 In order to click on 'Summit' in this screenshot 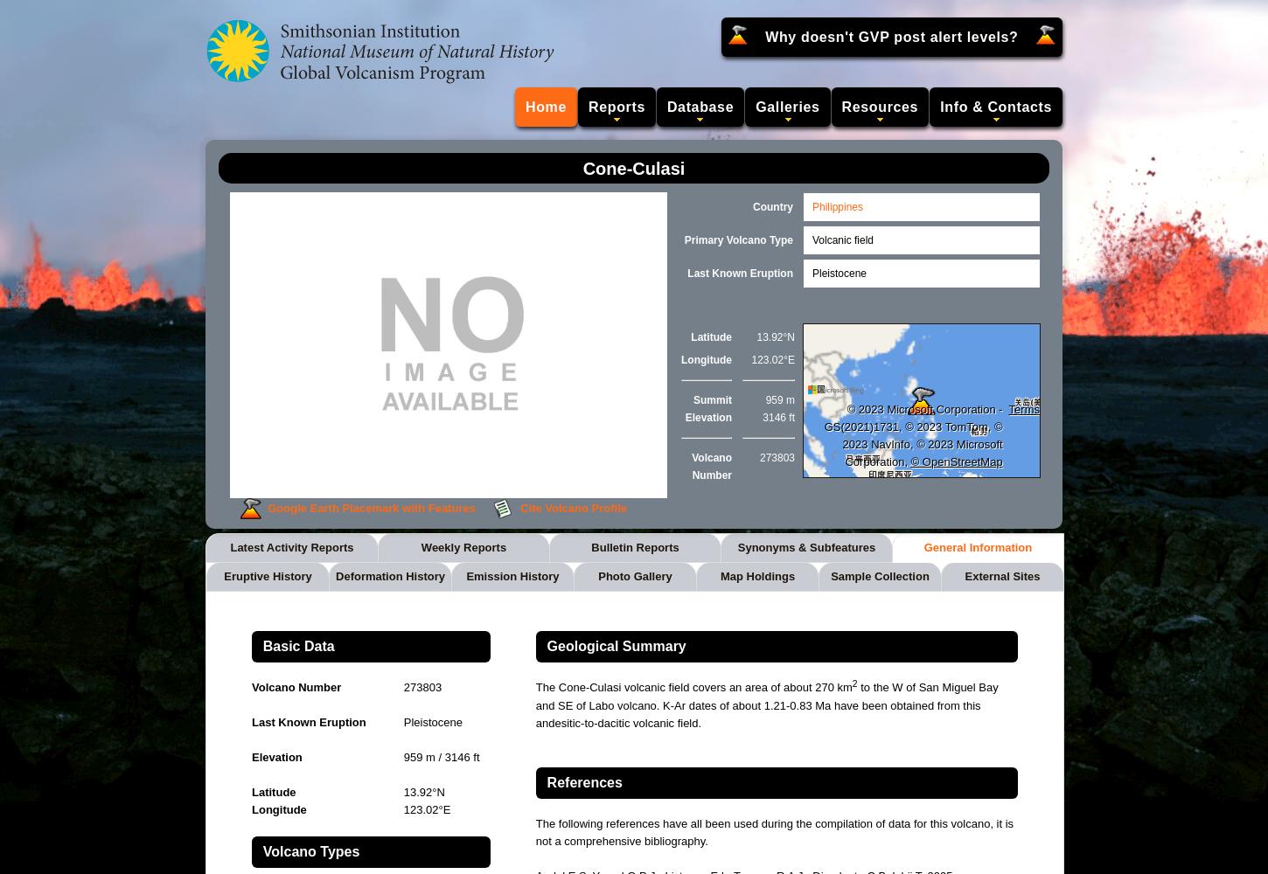, I will do `click(712, 399)`.